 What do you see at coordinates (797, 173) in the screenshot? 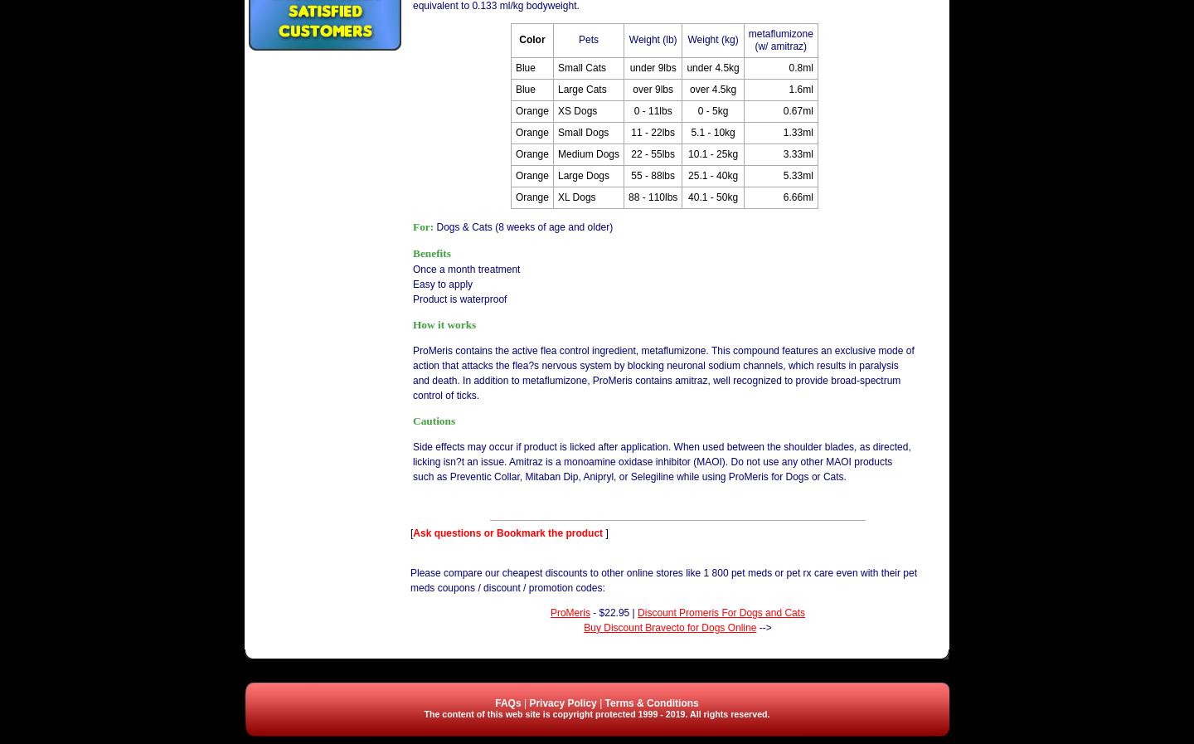
I see `'5.33ml'` at bounding box center [797, 173].